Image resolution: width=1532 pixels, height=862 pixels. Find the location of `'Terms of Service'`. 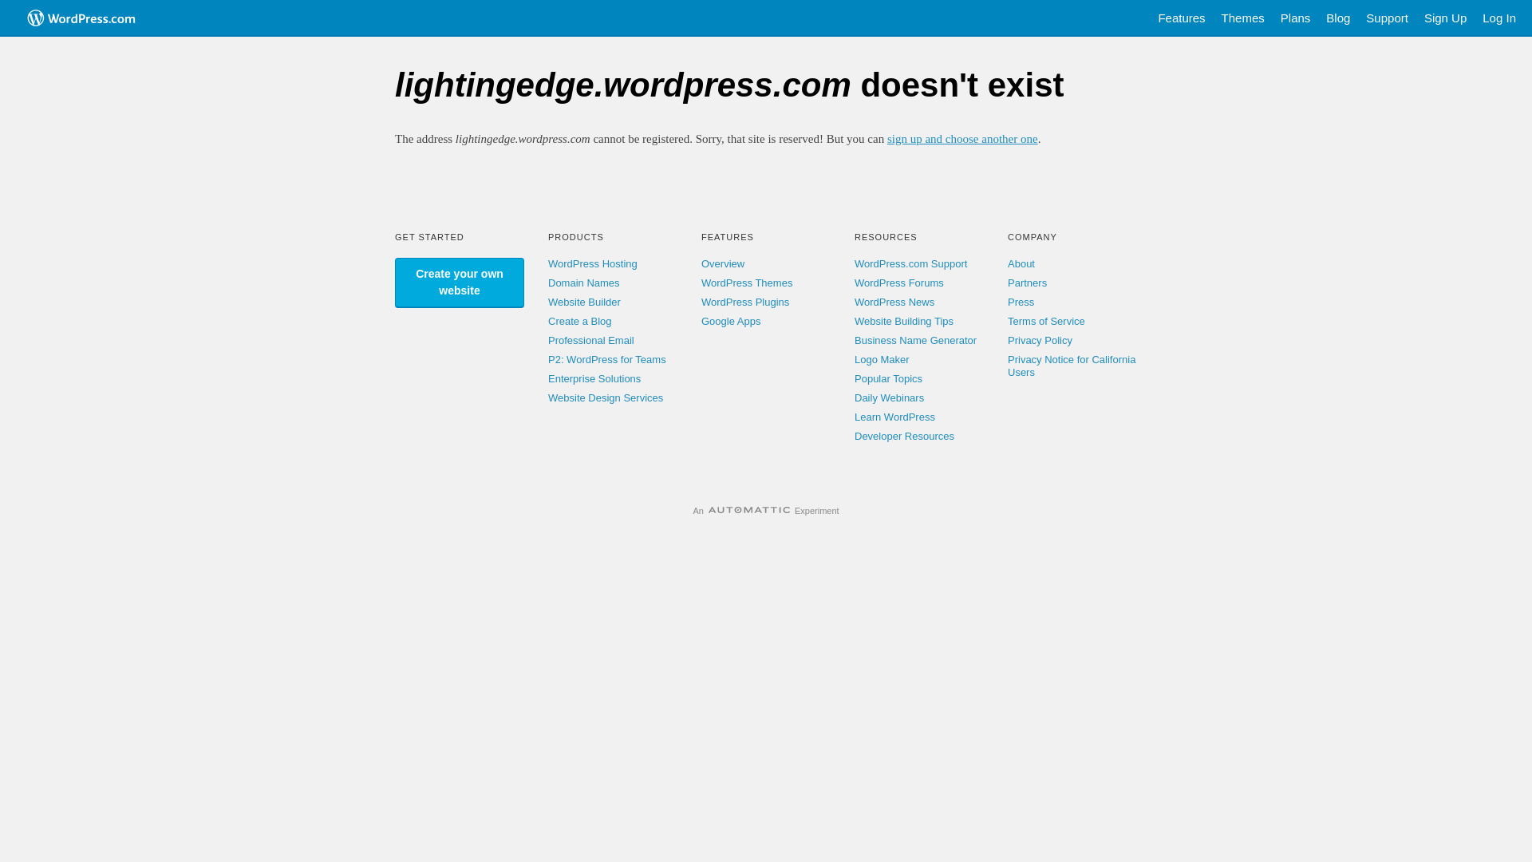

'Terms of Service' is located at coordinates (1046, 321).